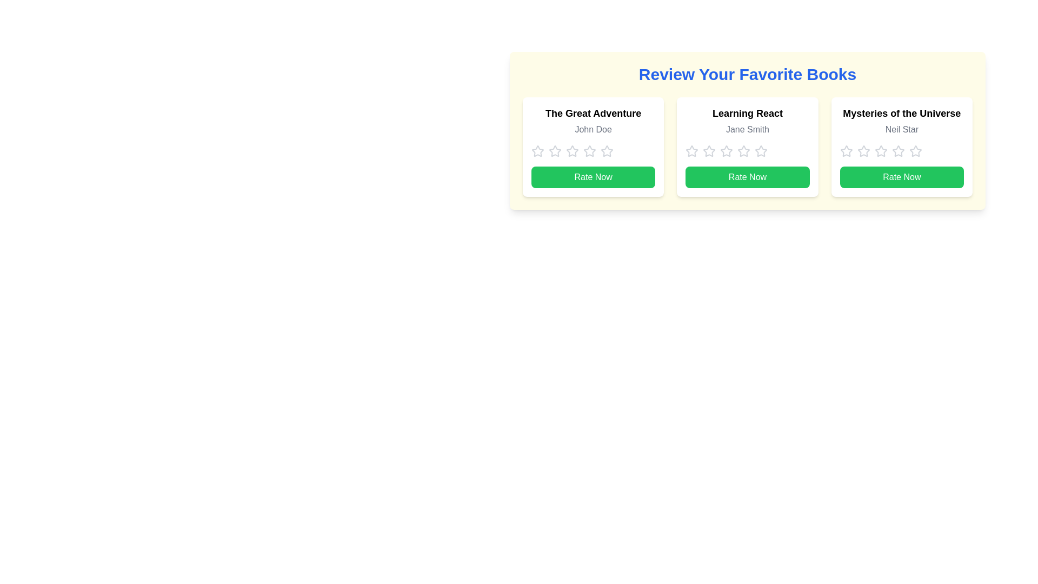 The image size is (1038, 584). Describe the element at coordinates (863, 151) in the screenshot. I see `the first star icon in the rating system under the book title 'Mysteries of the Universe' to rate it` at that location.